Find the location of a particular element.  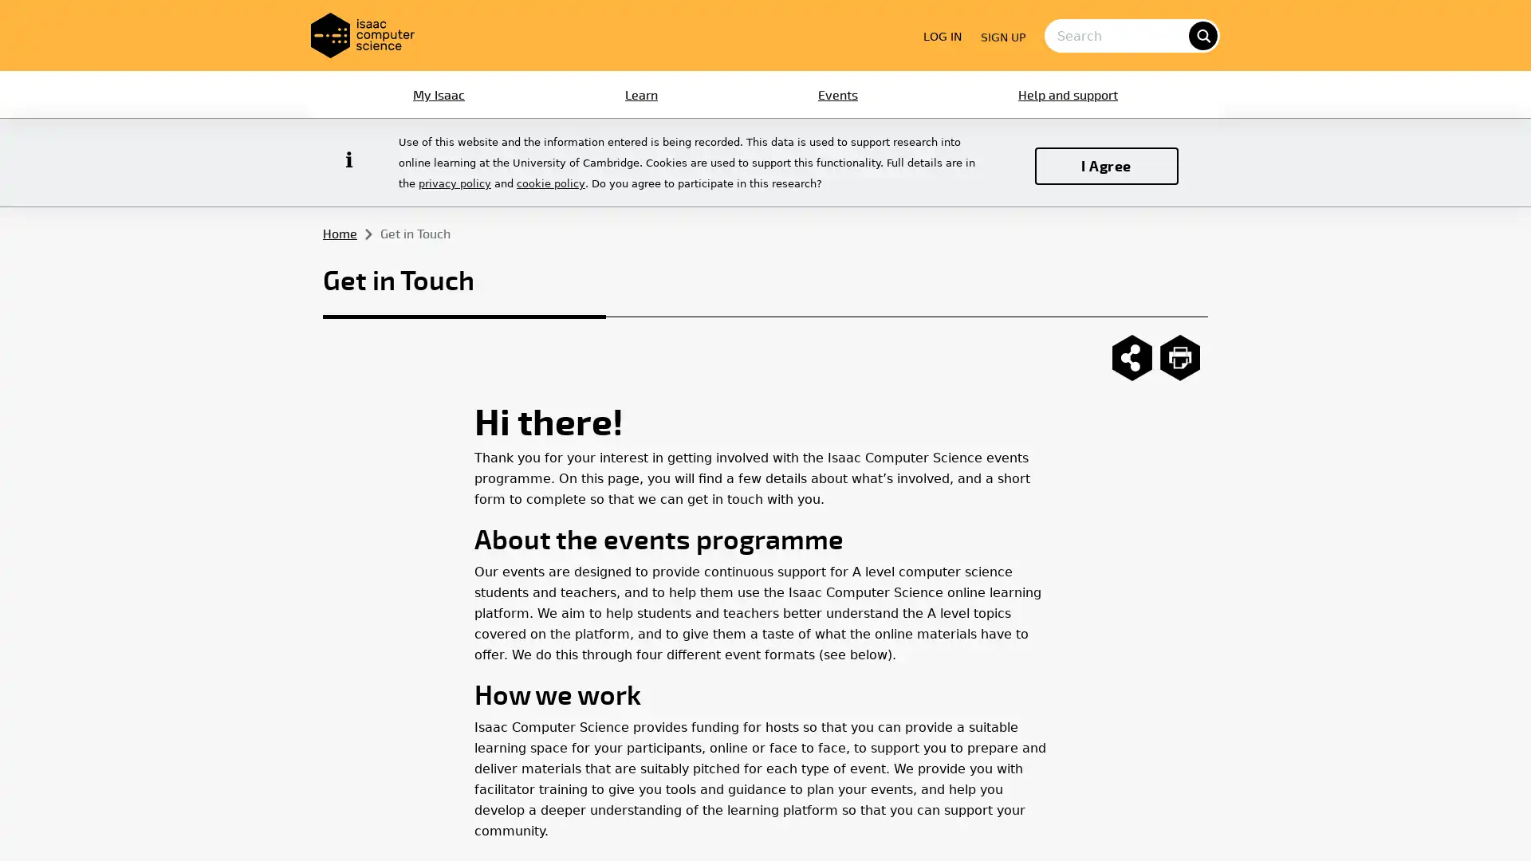

I Agree is located at coordinates (1105, 165).